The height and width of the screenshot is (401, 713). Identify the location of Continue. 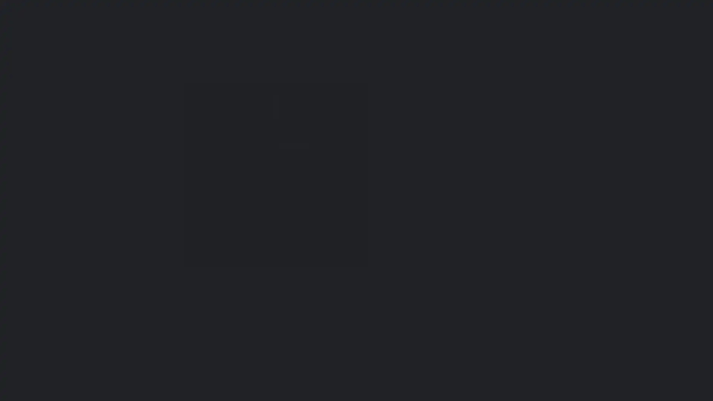
(274, 244).